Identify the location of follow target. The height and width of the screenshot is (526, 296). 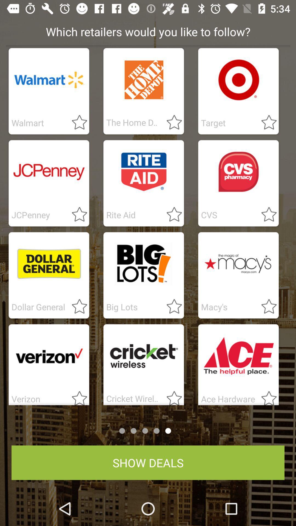
(265, 122).